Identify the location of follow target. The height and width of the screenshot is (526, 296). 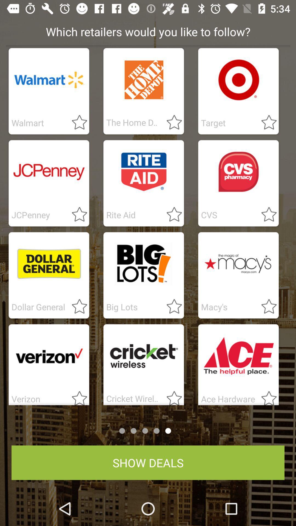
(265, 122).